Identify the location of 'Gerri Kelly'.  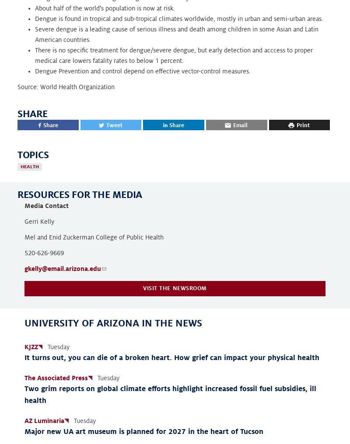
(39, 221).